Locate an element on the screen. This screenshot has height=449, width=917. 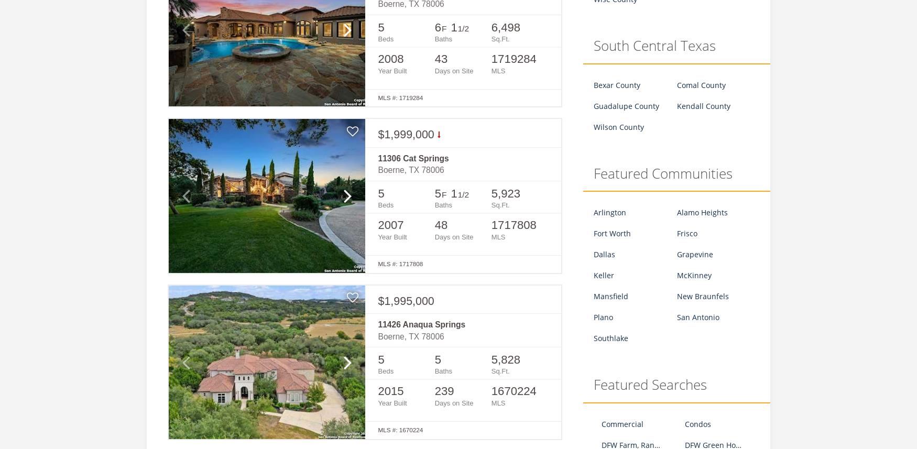
'McKinney' is located at coordinates (694, 275).